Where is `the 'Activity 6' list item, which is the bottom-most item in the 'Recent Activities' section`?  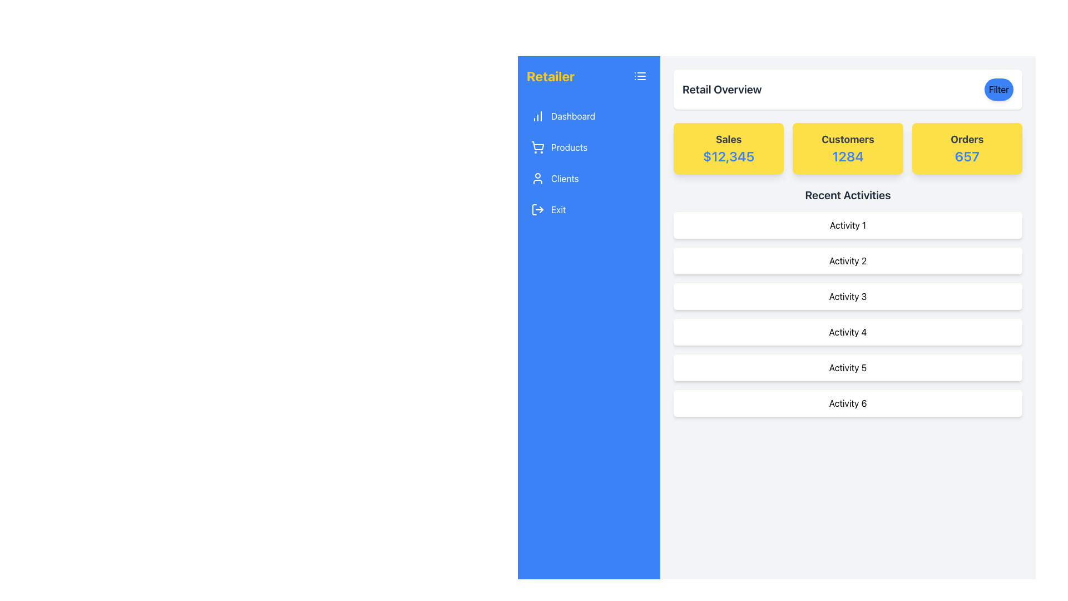 the 'Activity 6' list item, which is the bottom-most item in the 'Recent Activities' section is located at coordinates (847, 403).